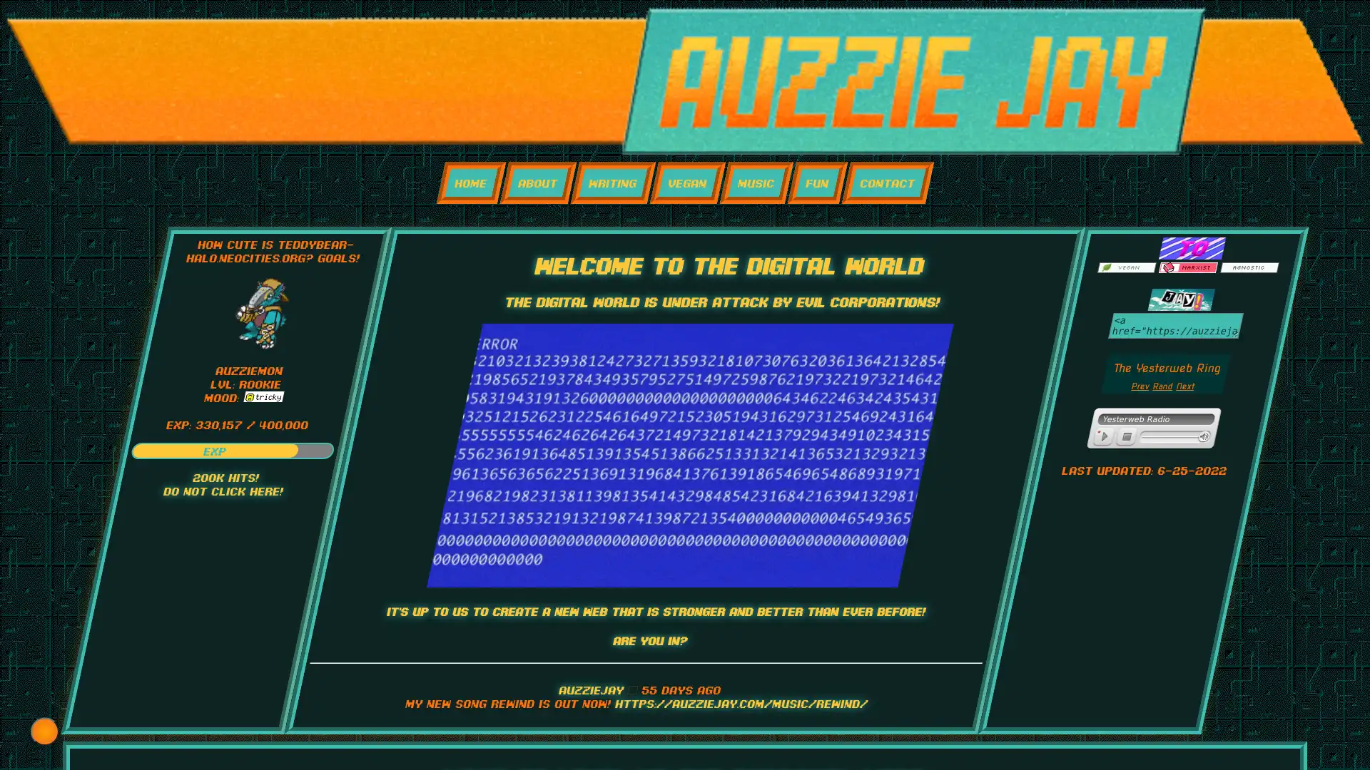 The image size is (1370, 770). I want to click on HOME, so click(470, 182).